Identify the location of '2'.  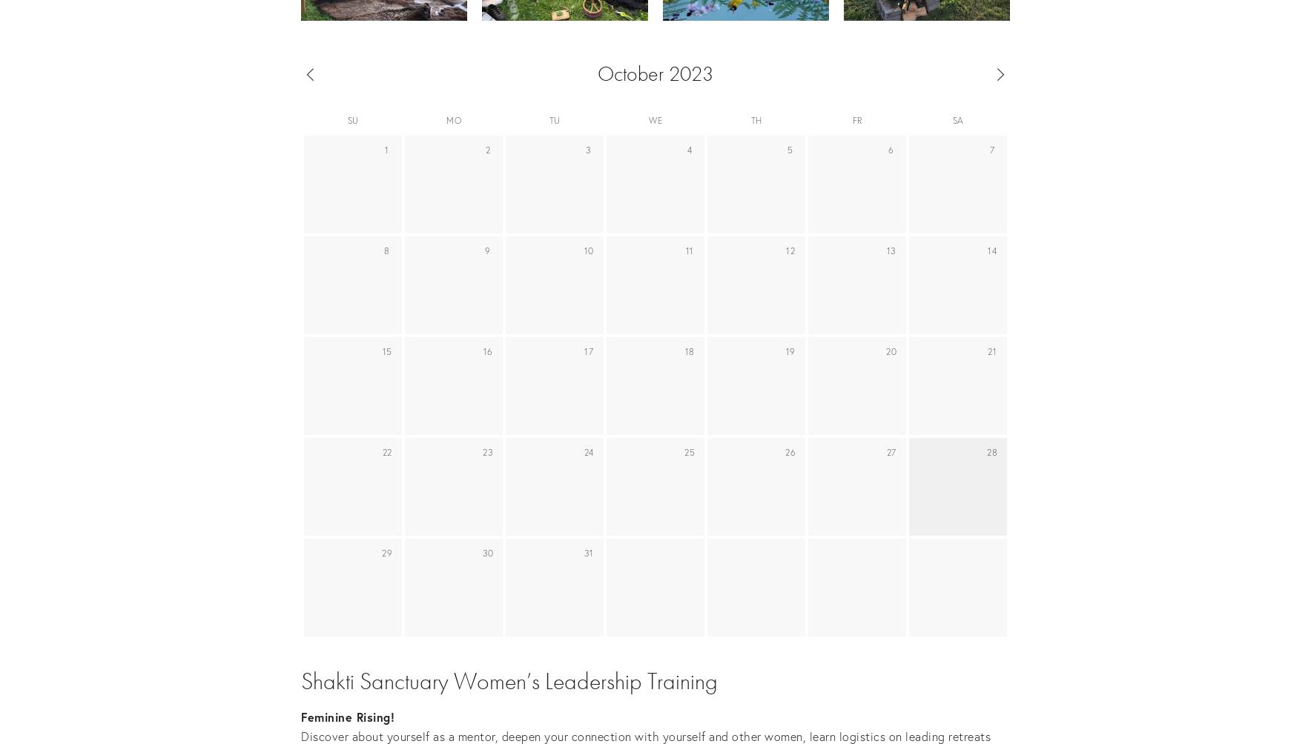
(483, 149).